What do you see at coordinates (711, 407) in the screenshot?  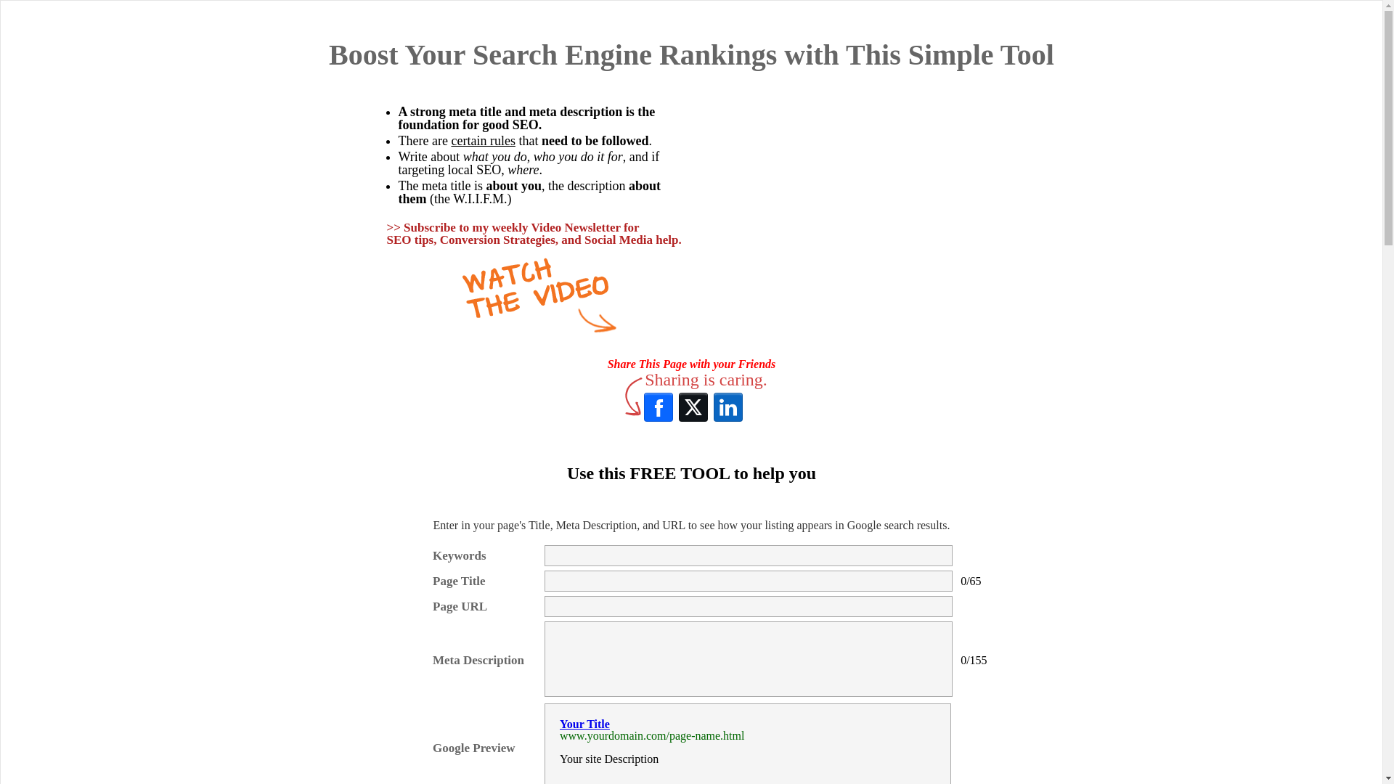 I see `'LinkedIn'` at bounding box center [711, 407].